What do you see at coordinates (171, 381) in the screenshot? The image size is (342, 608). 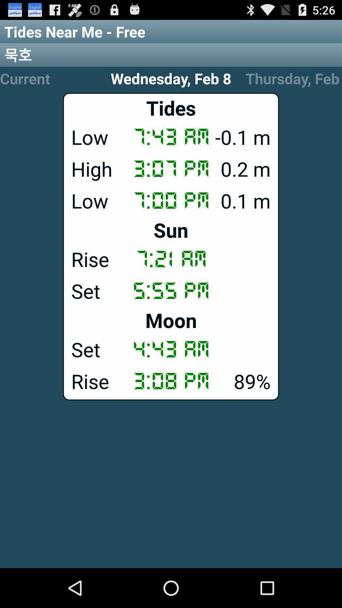 I see `item below set app` at bounding box center [171, 381].